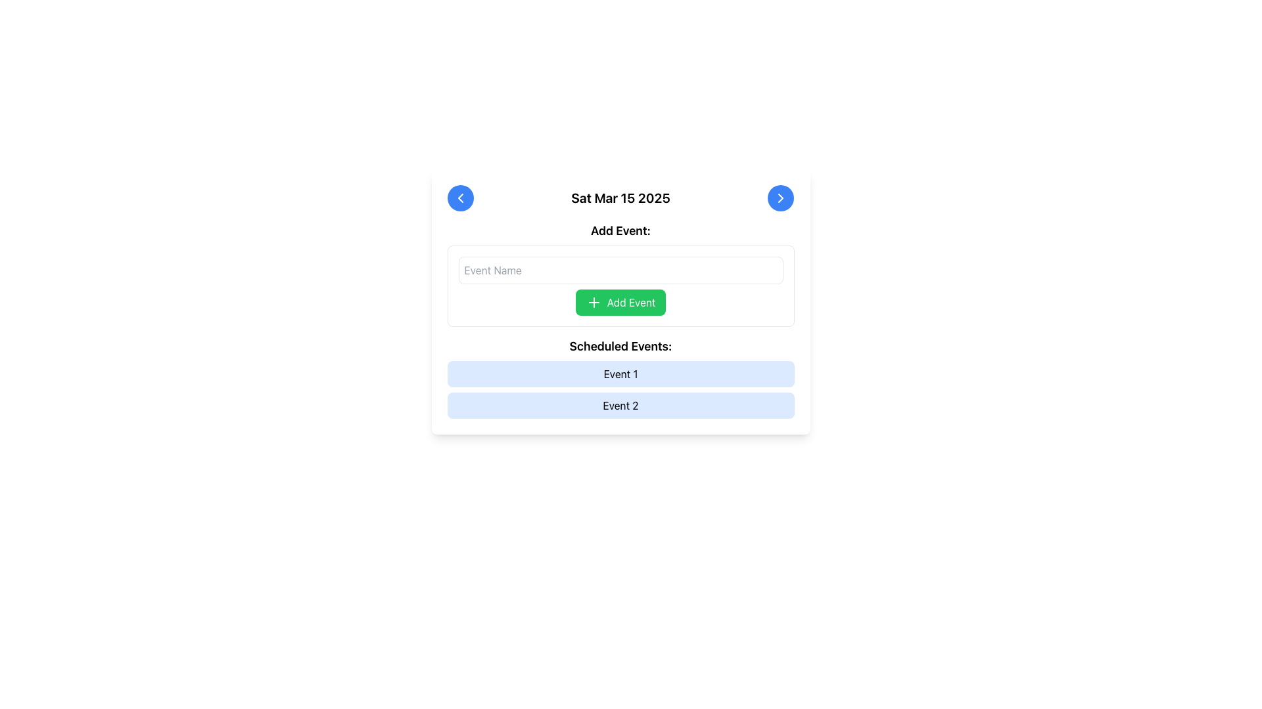  I want to click on the text displaying 'Sat Mar 15 2025' to trigger the tooltip, so click(620, 198).